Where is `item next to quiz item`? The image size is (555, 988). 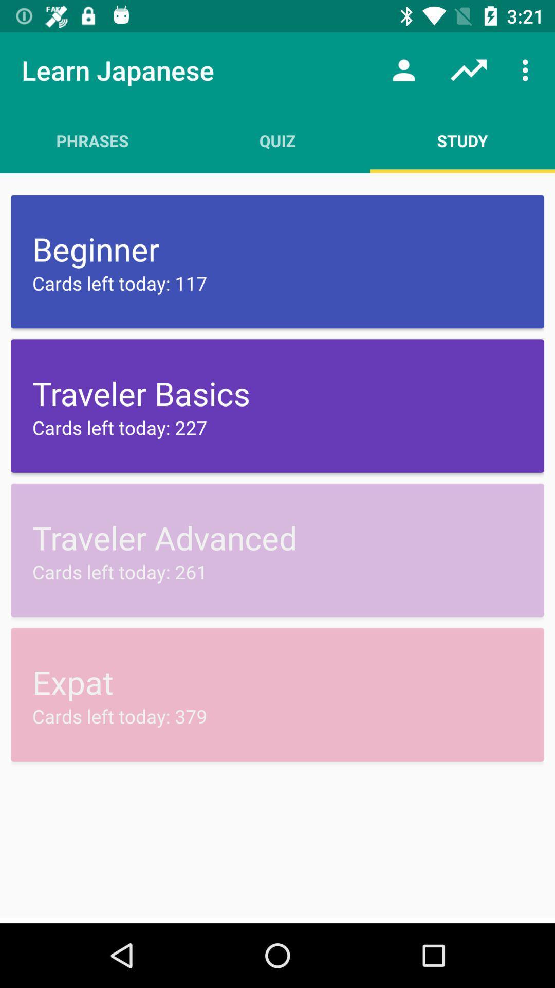 item next to quiz item is located at coordinates (461, 140).